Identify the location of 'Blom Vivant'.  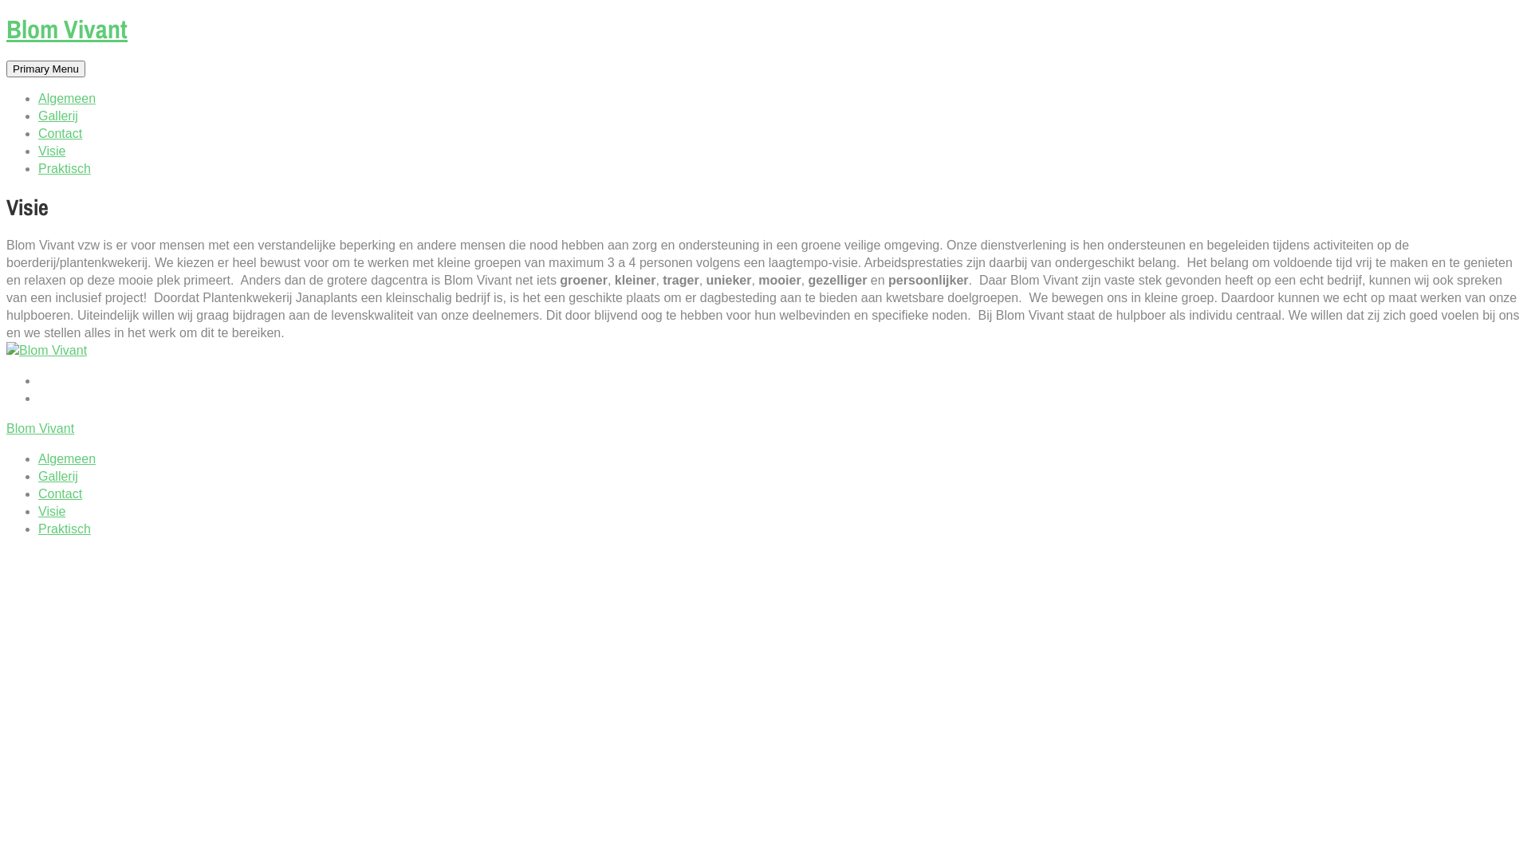
(40, 427).